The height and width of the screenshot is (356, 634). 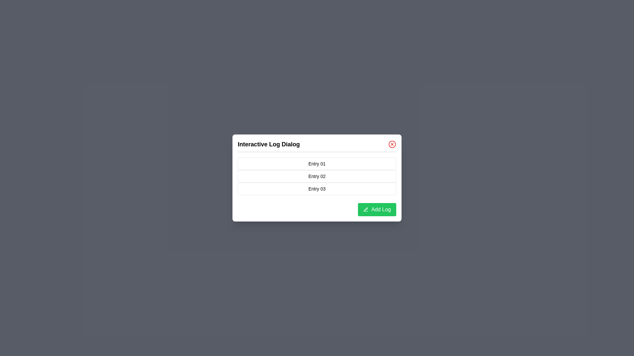 I want to click on the close button in the dialog to close it, so click(x=392, y=144).